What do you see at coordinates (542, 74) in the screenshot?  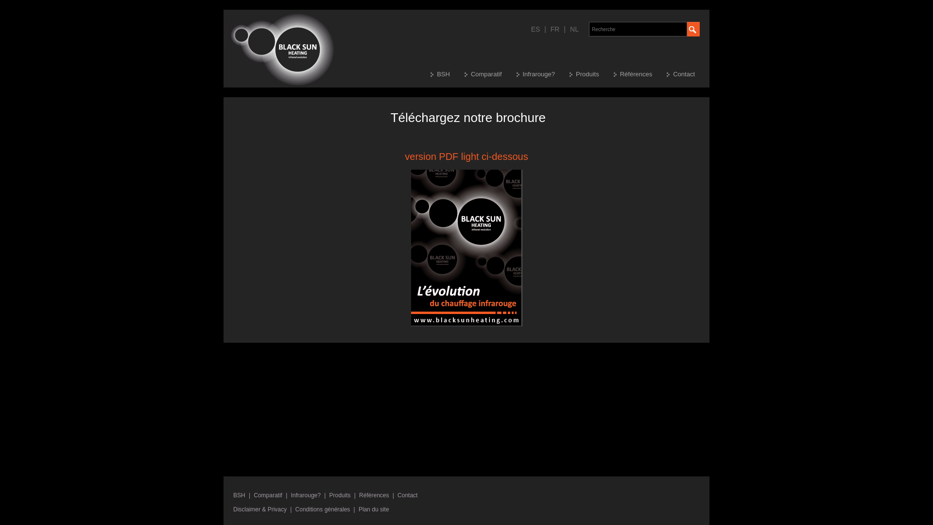 I see `'Infrarouge?'` at bounding box center [542, 74].